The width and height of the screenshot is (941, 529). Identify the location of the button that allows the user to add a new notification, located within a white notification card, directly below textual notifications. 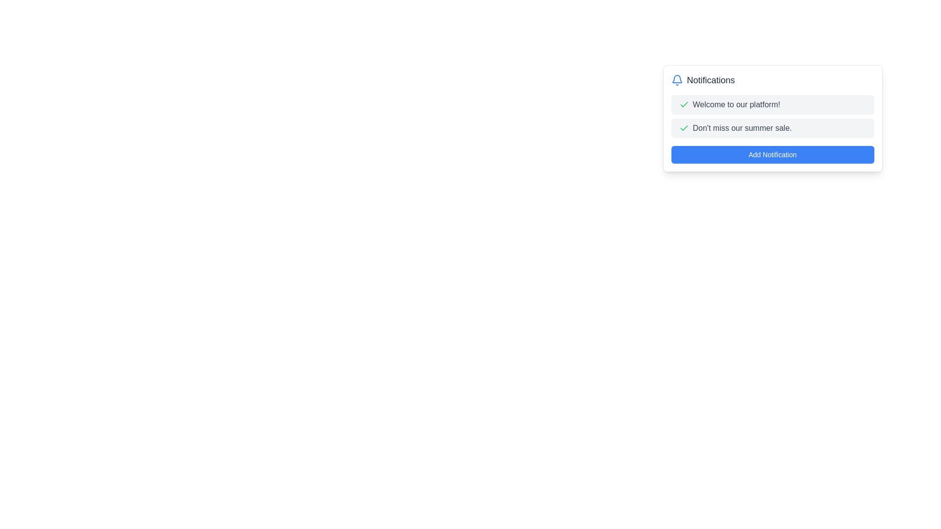
(772, 154).